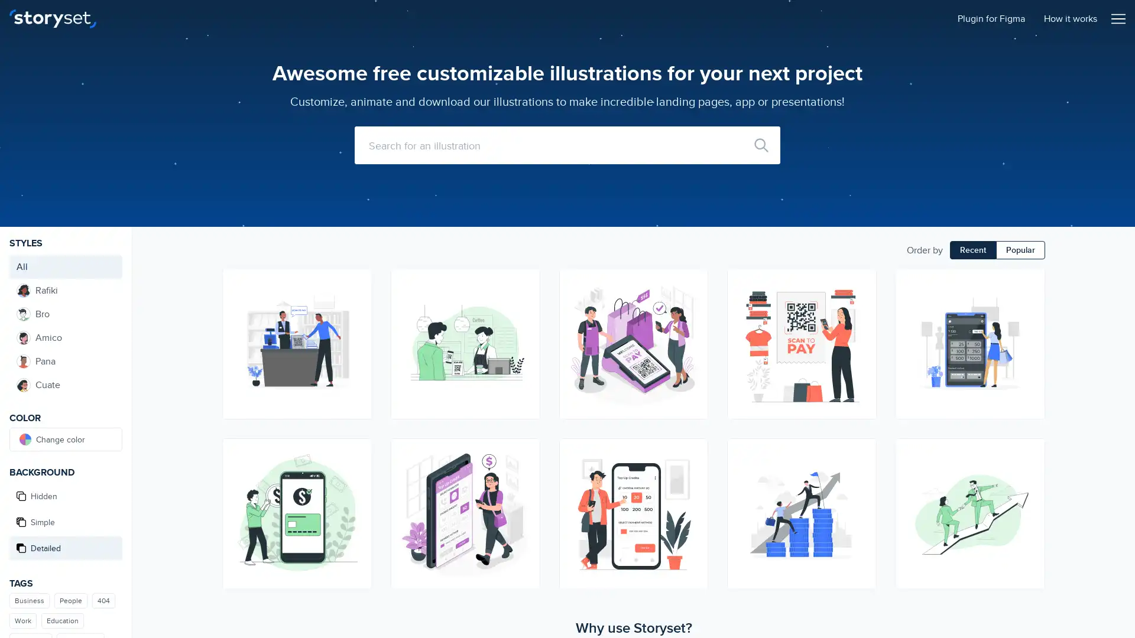 This screenshot has height=638, width=1135. I want to click on wand icon Animate, so click(862, 283).